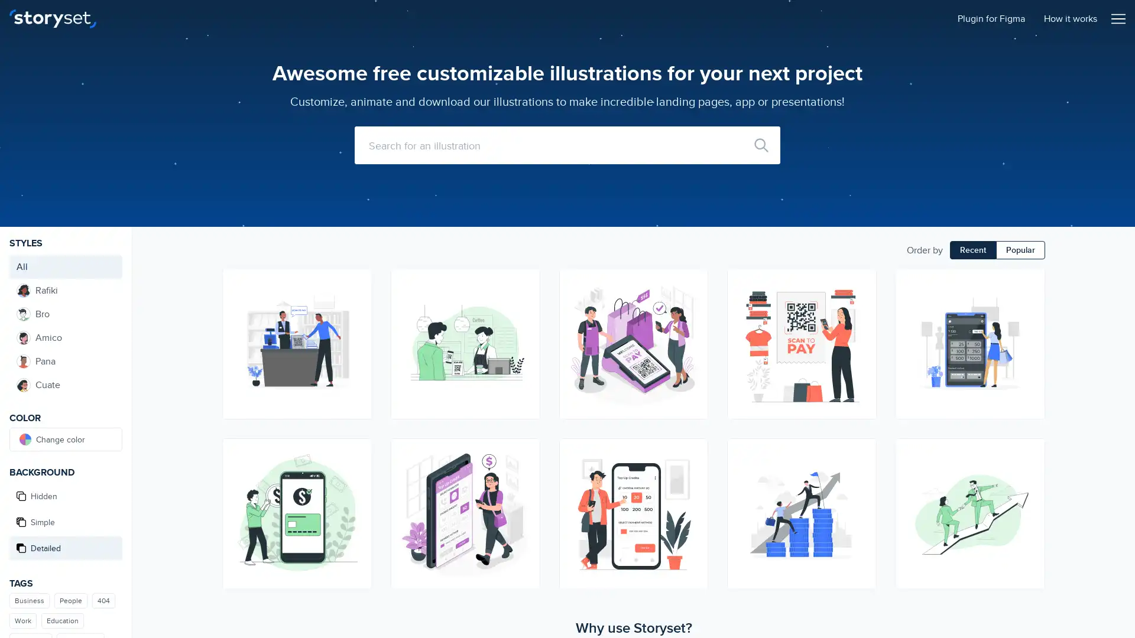 This screenshot has height=638, width=1135. I want to click on wand icon Animate, so click(862, 283).